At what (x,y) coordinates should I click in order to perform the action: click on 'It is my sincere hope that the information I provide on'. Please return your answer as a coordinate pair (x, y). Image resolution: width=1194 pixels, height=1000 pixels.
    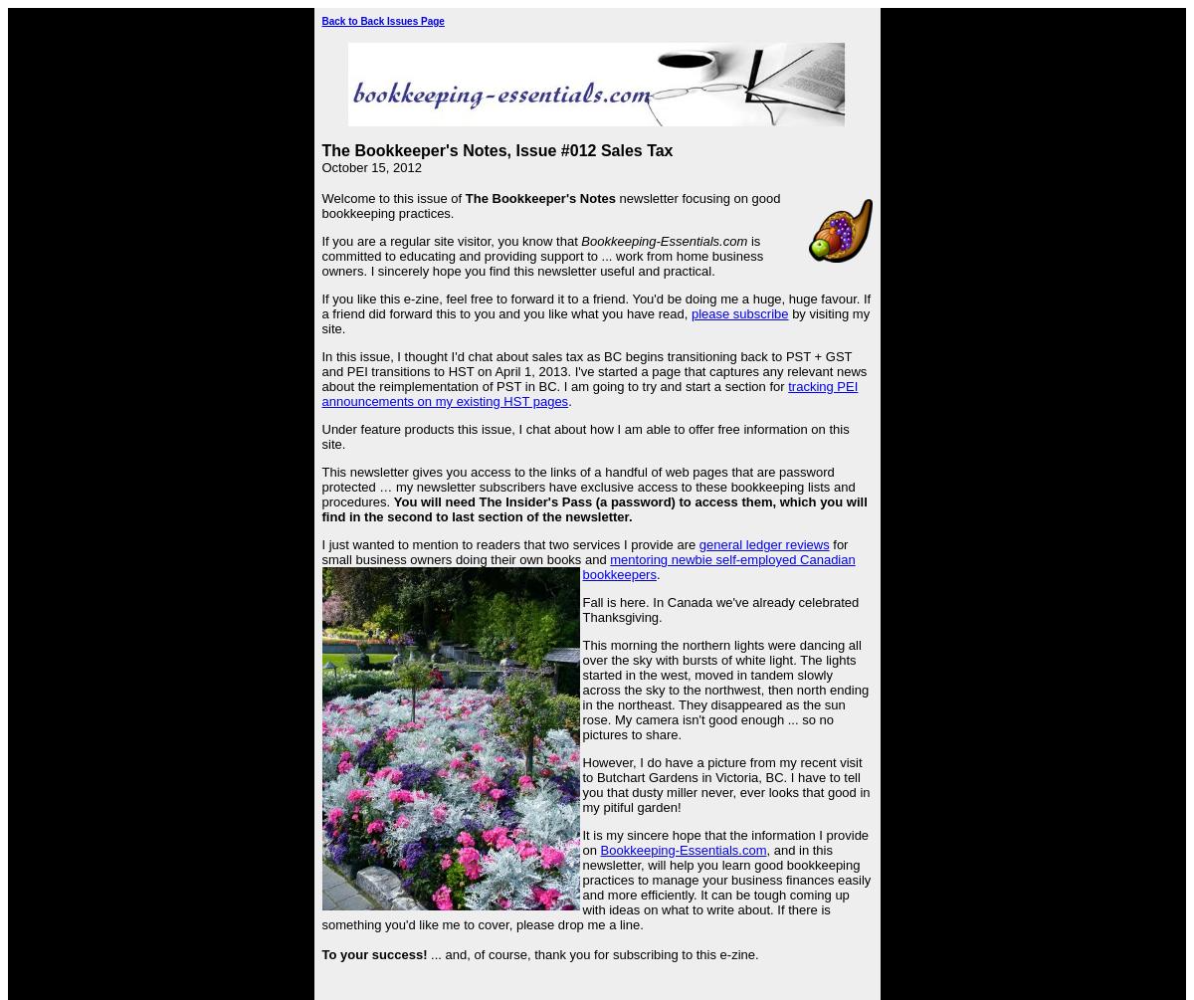
    Looking at the image, I should click on (725, 842).